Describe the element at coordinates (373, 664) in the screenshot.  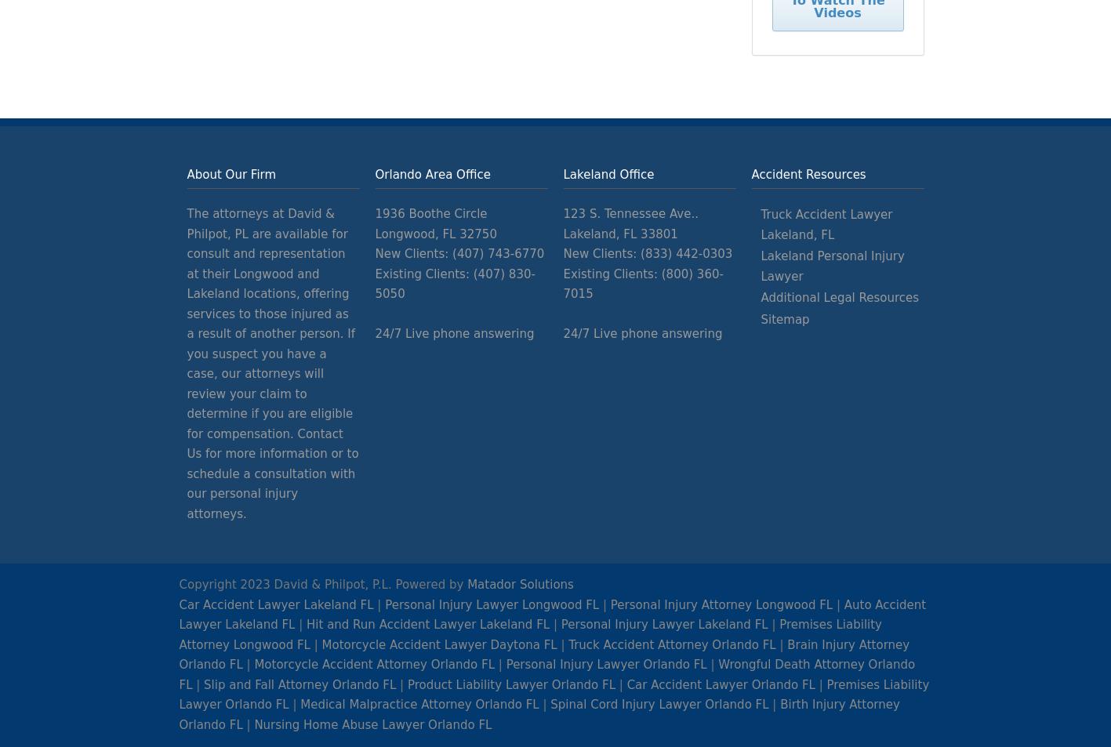
I see `'Motorcycle Accident Attorney Orlando FL'` at that location.